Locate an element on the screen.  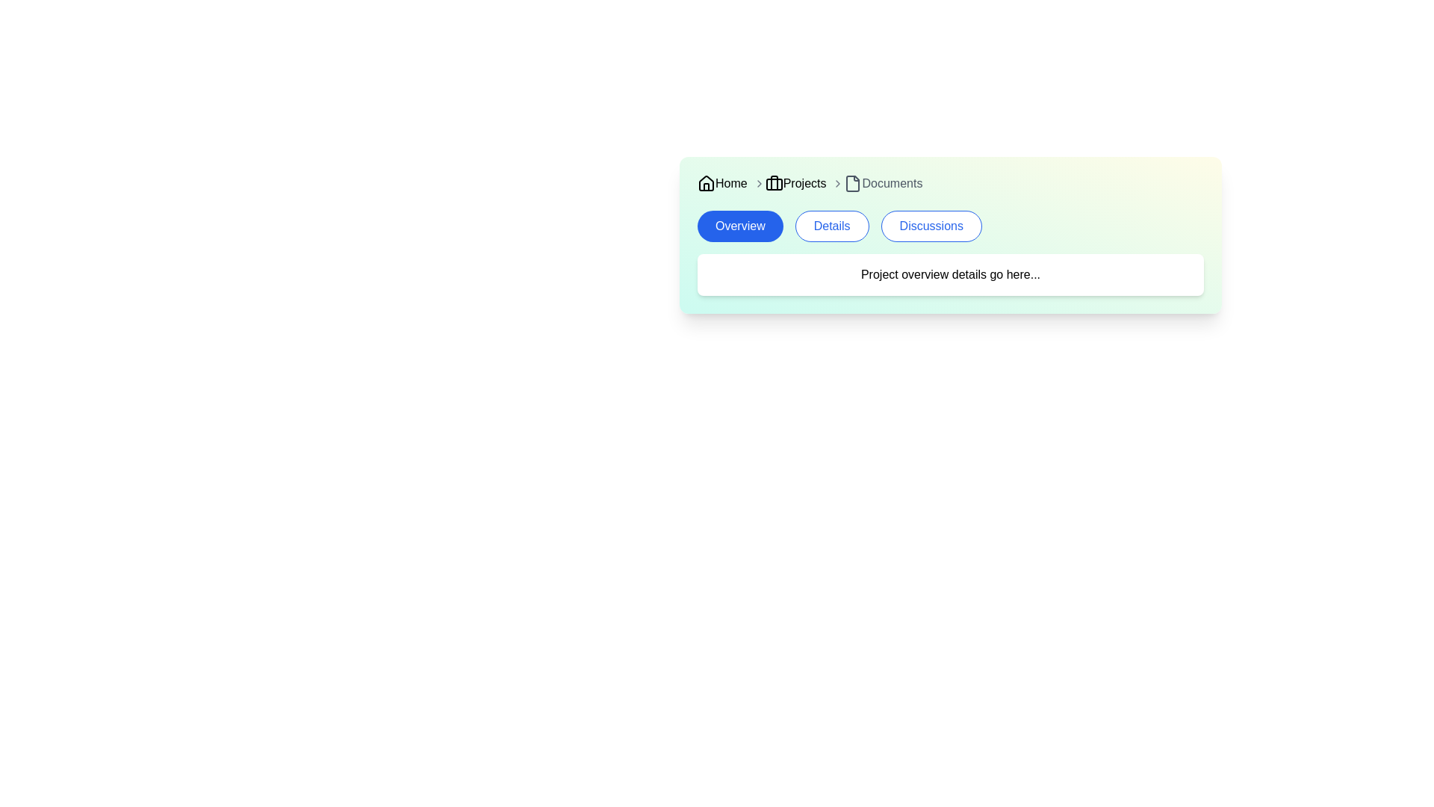
the tab buttons within the section that has a gradient background transitioning from teal to yellow to switch views is located at coordinates (949, 235).